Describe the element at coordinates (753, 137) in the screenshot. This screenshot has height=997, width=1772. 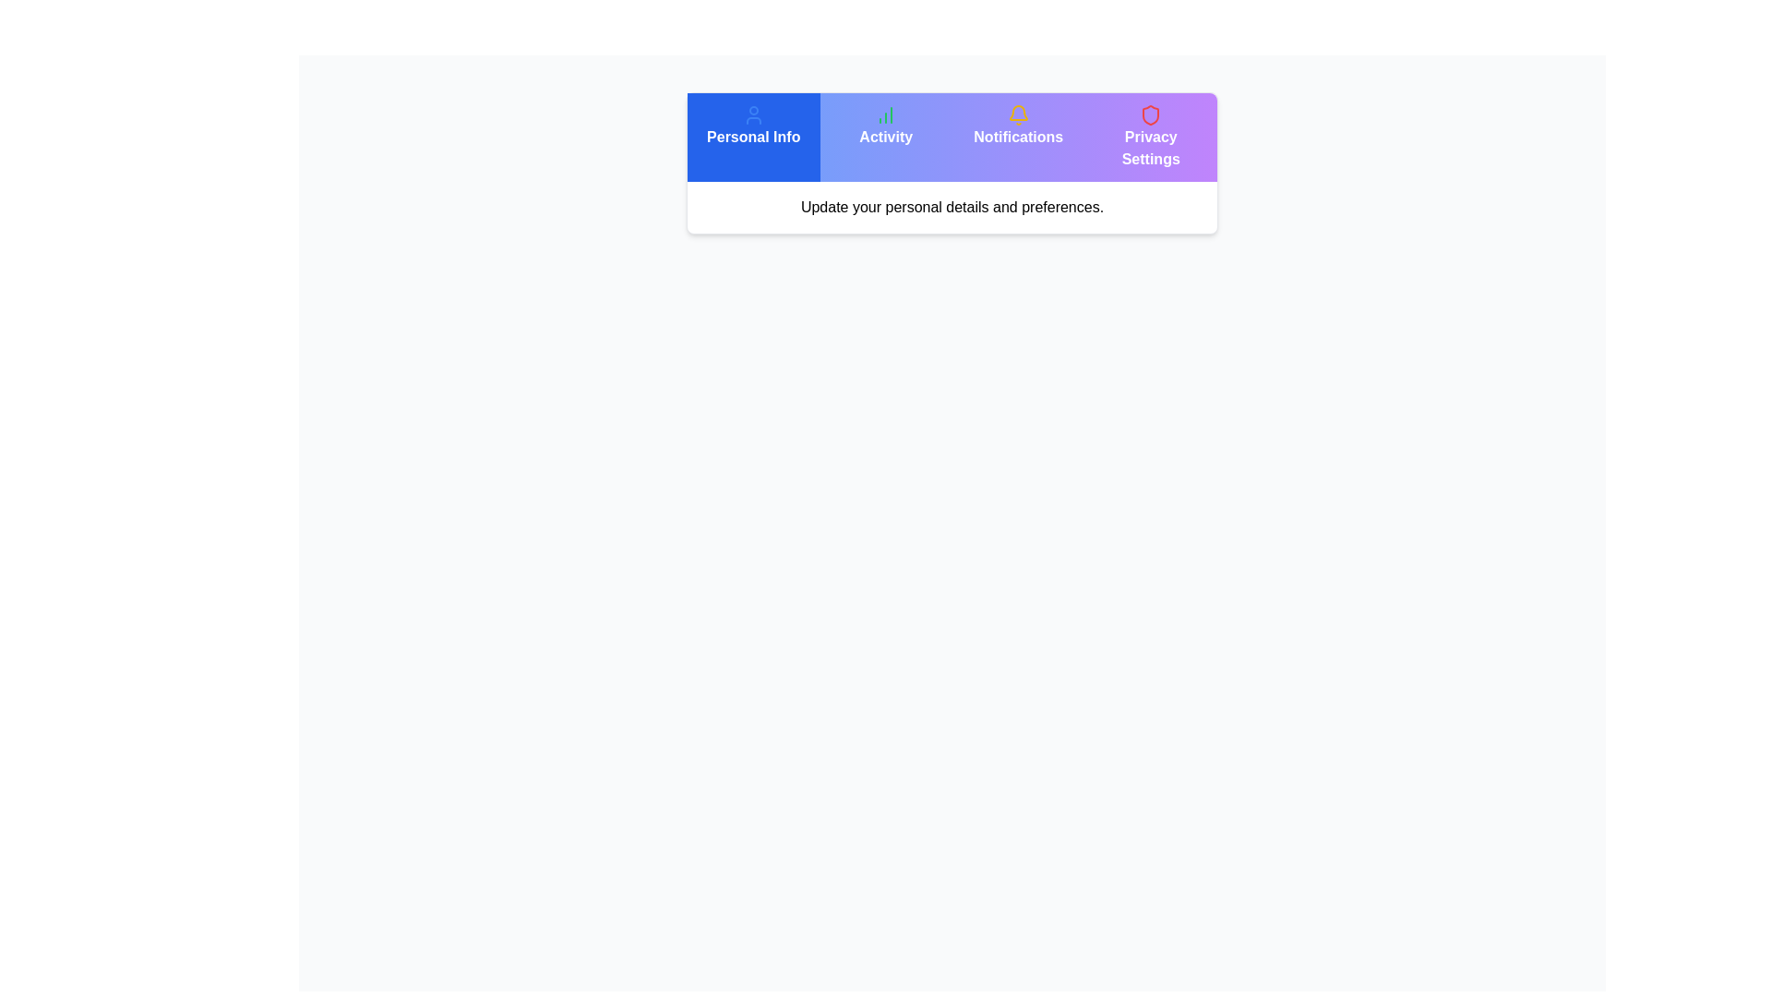
I see `the Personal Info tab` at that location.